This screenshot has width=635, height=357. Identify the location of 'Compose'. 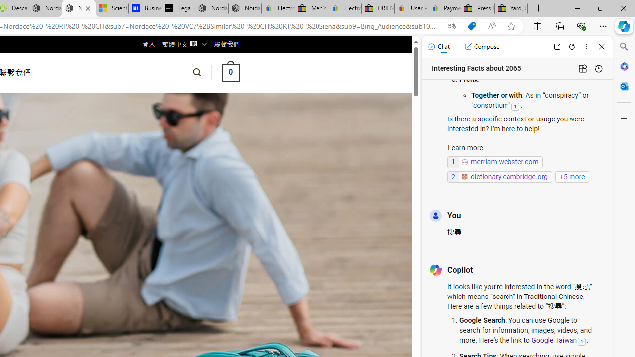
(482, 46).